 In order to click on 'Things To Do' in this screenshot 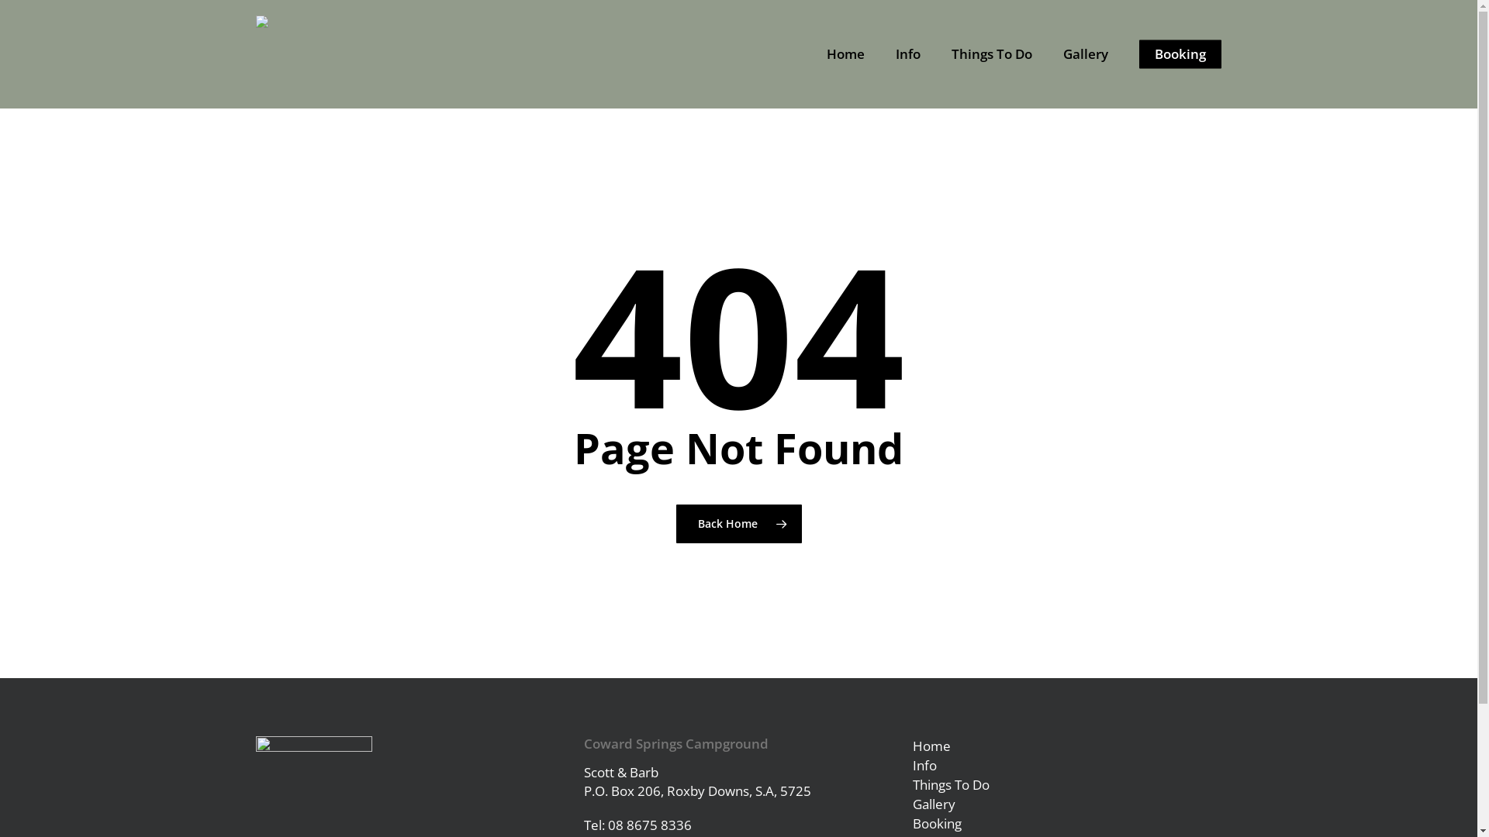, I will do `click(990, 53)`.